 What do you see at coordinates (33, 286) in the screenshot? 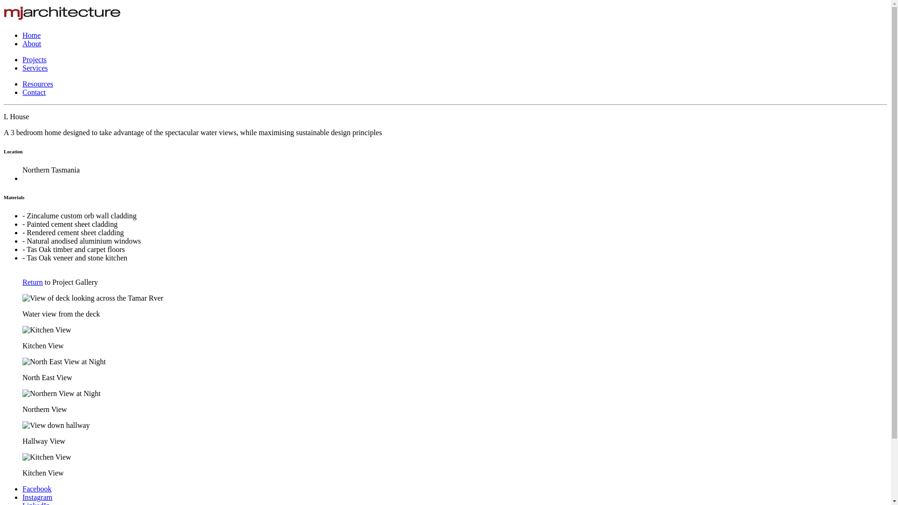
I see `'Return'` at bounding box center [33, 286].